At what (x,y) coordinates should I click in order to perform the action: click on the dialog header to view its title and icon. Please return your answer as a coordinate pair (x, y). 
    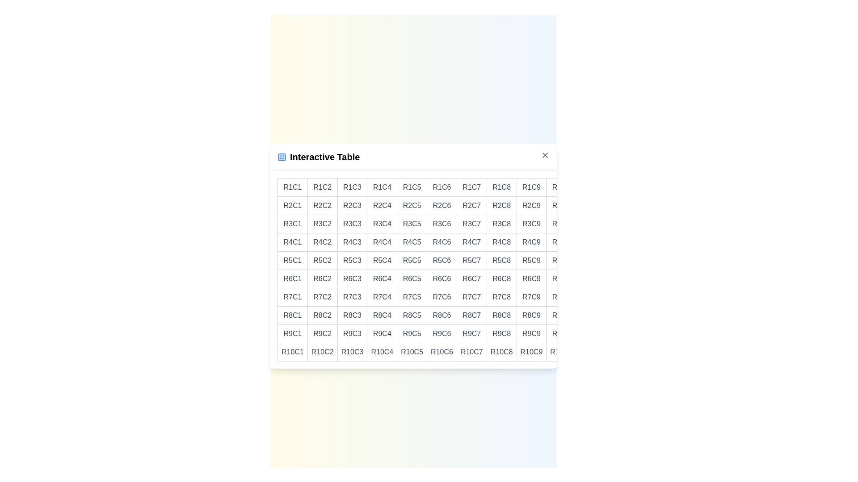
    Looking at the image, I should click on (413, 157).